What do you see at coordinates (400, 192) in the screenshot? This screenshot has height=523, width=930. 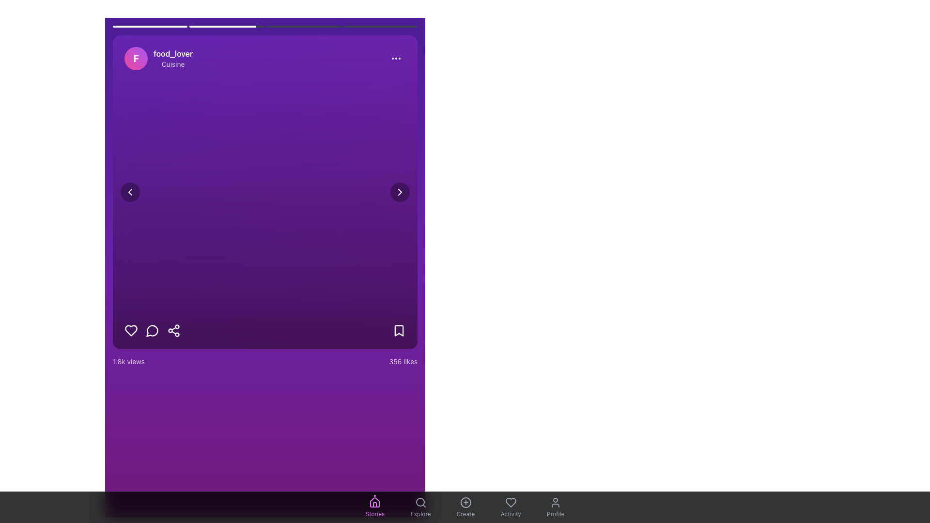 I see `the rightward chevron icon located within a circular button` at bounding box center [400, 192].